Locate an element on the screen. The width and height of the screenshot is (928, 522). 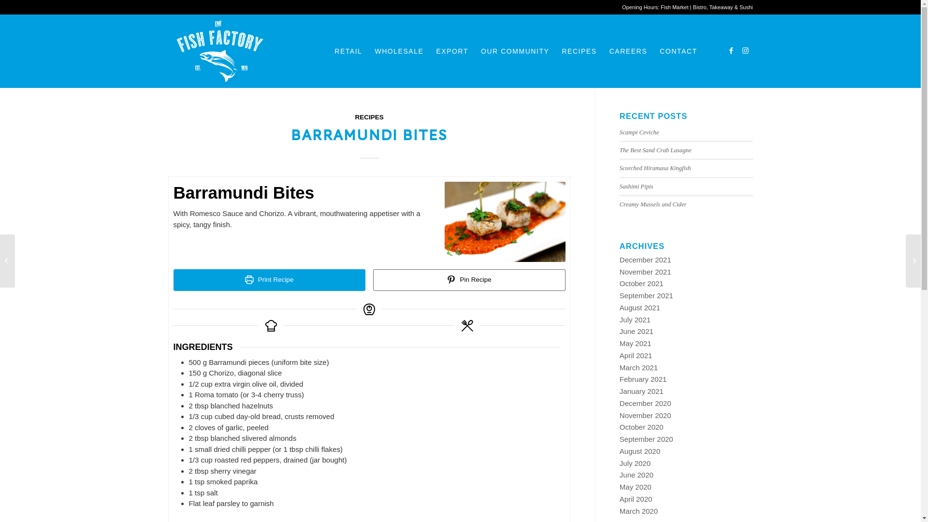
'July 2020' is located at coordinates (619, 463).